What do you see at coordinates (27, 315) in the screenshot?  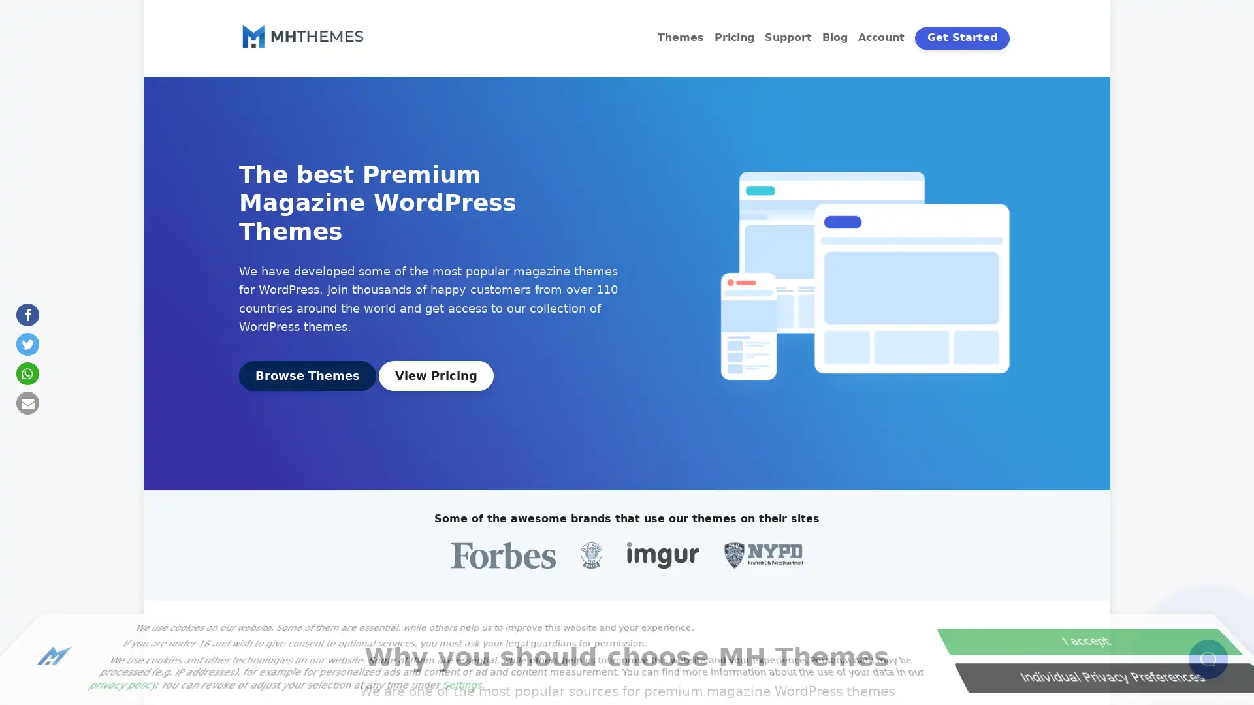 I see `Share on Facebook` at bounding box center [27, 315].